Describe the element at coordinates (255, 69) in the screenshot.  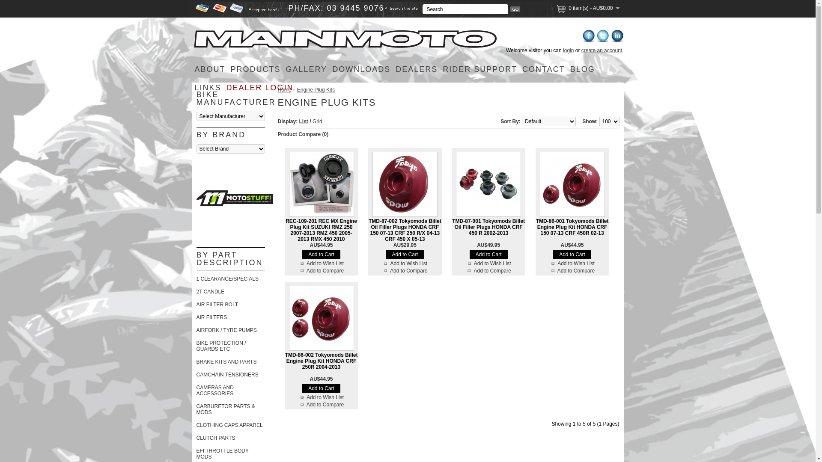
I see `'PRODUCTS'` at that location.